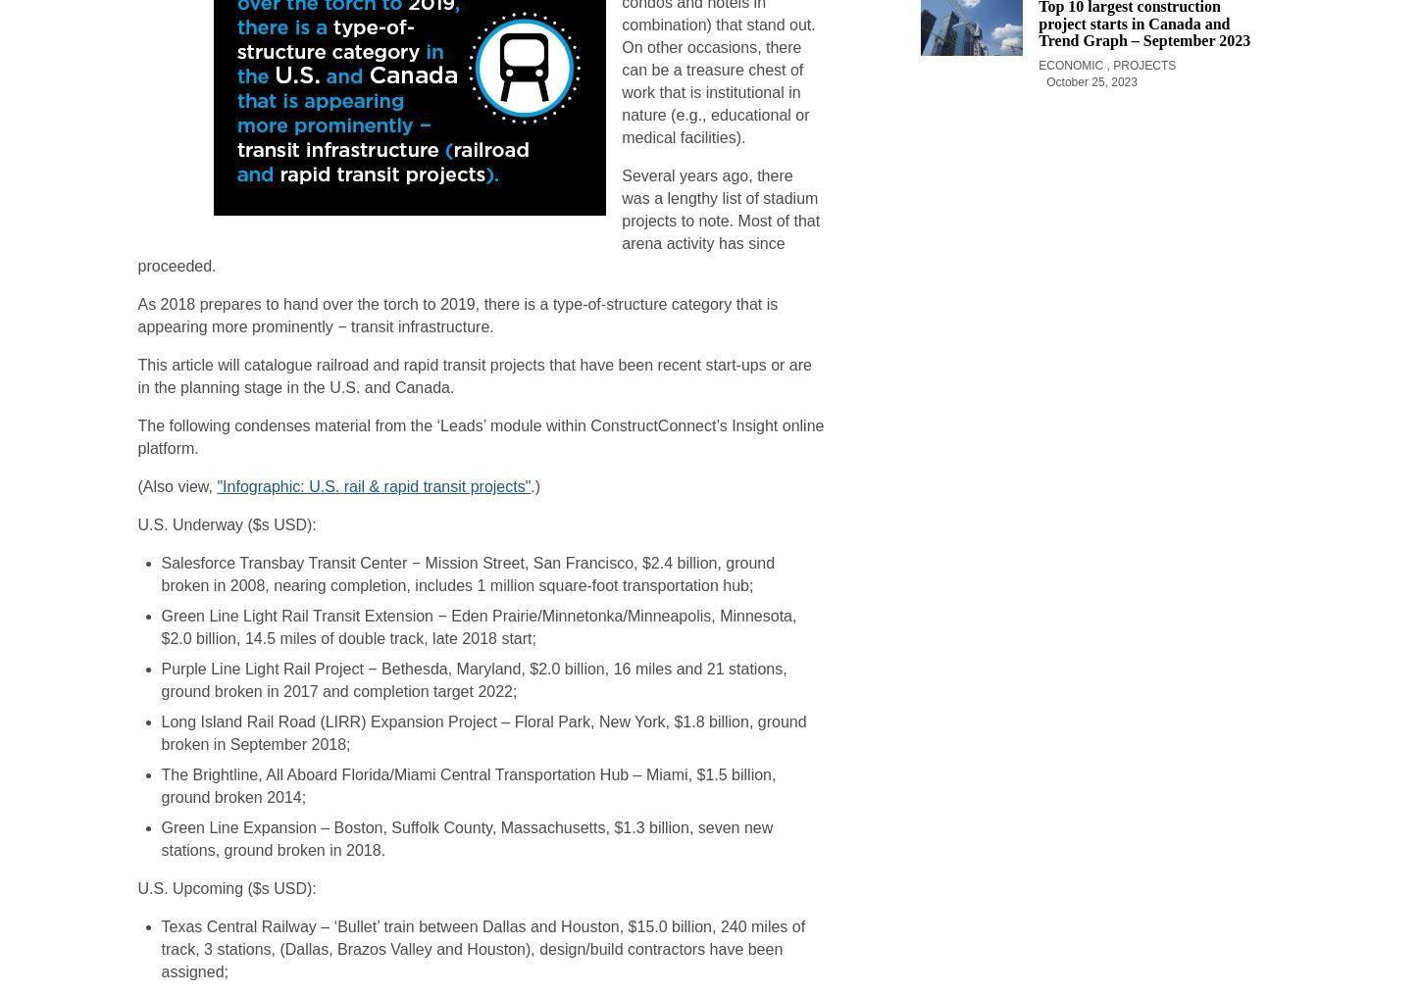 The width and height of the screenshot is (1421, 994). What do you see at coordinates (482, 732) in the screenshot?
I see `'Long  Island Rail Road (LIRR) Expansion Project – Floral Park, New York, $1.8  billion, ground broken in September 2018;'` at bounding box center [482, 732].